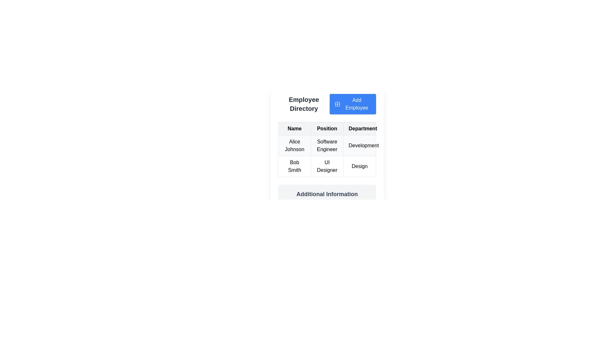 This screenshot has height=345, width=614. Describe the element at coordinates (359, 145) in the screenshot. I see `department information displayed in the third cell of the first row under the 'Department' column, which shows 'Alice Johnson's department.'` at that location.